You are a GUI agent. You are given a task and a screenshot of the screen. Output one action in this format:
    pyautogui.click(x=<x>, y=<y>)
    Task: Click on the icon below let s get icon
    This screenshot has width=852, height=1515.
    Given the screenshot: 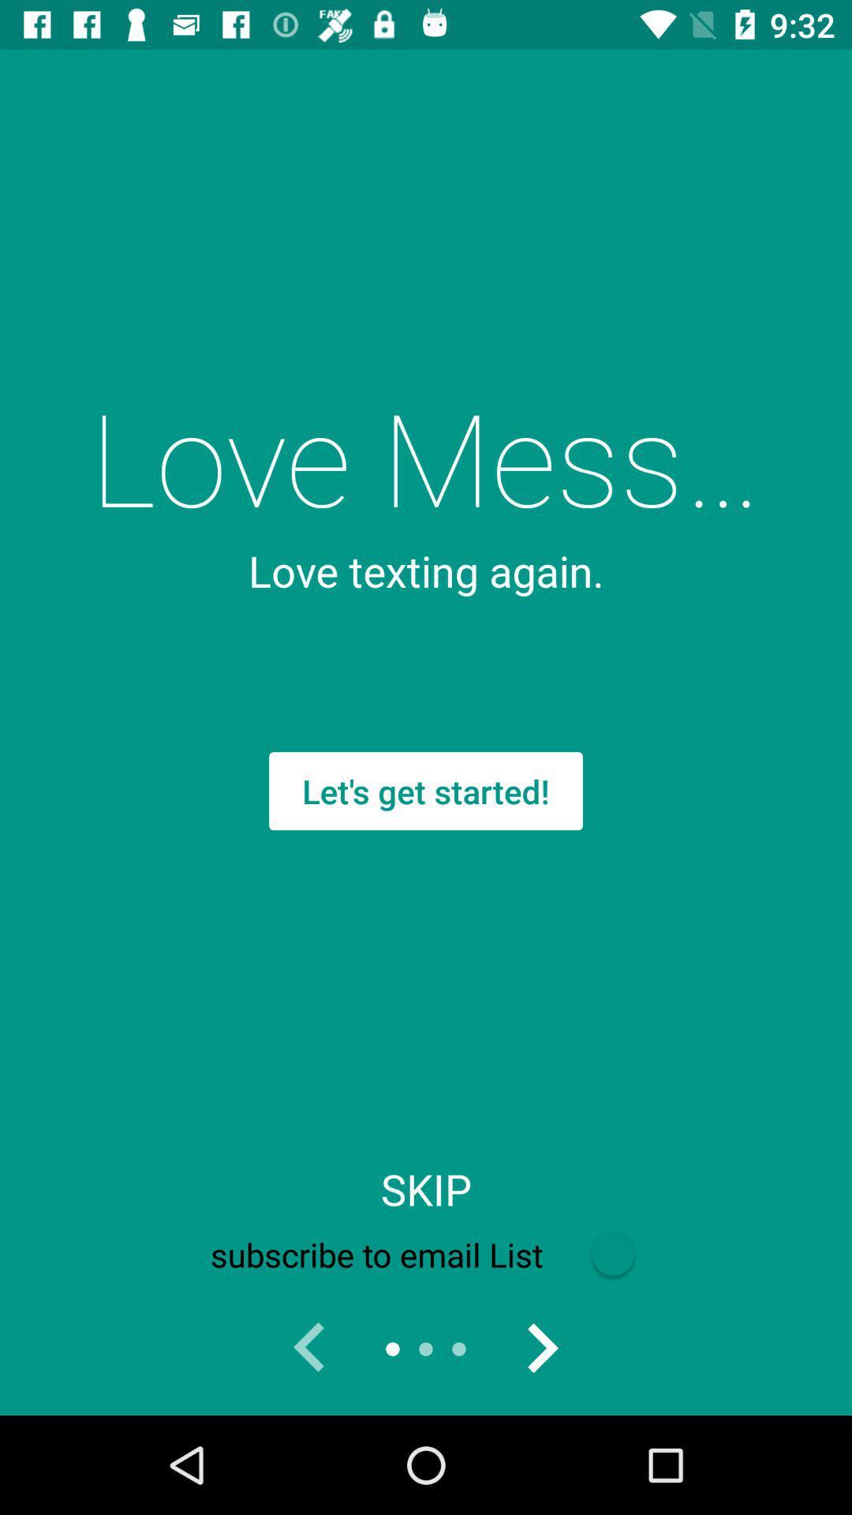 What is the action you would take?
    pyautogui.click(x=426, y=1189)
    